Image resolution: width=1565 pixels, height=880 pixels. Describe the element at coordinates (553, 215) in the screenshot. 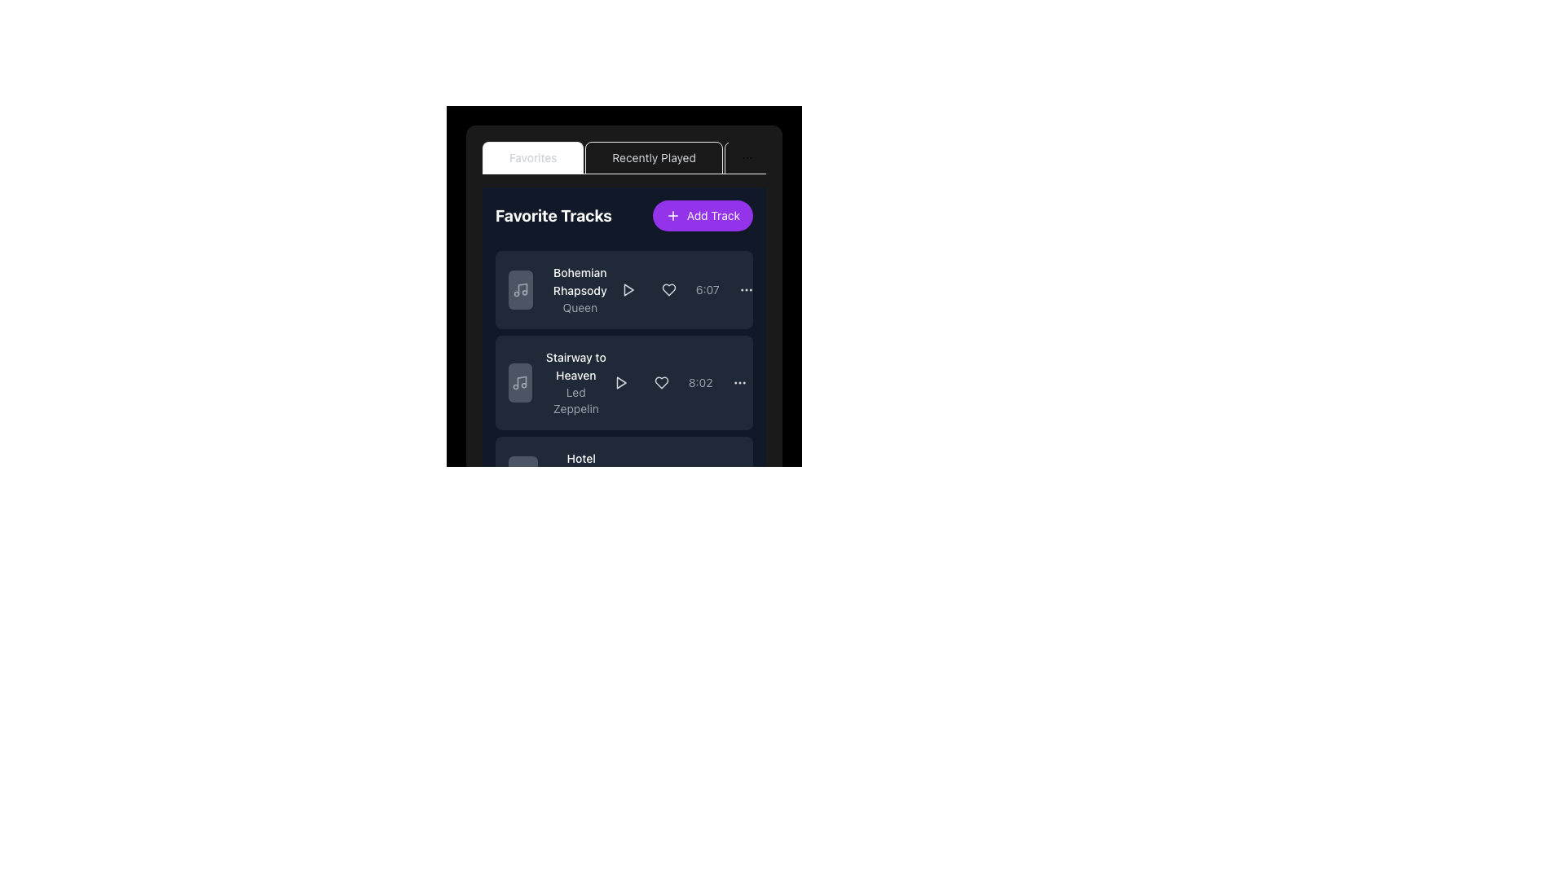

I see `the 'Favorite Tracks' header text element located at the top left of the content panel` at that location.